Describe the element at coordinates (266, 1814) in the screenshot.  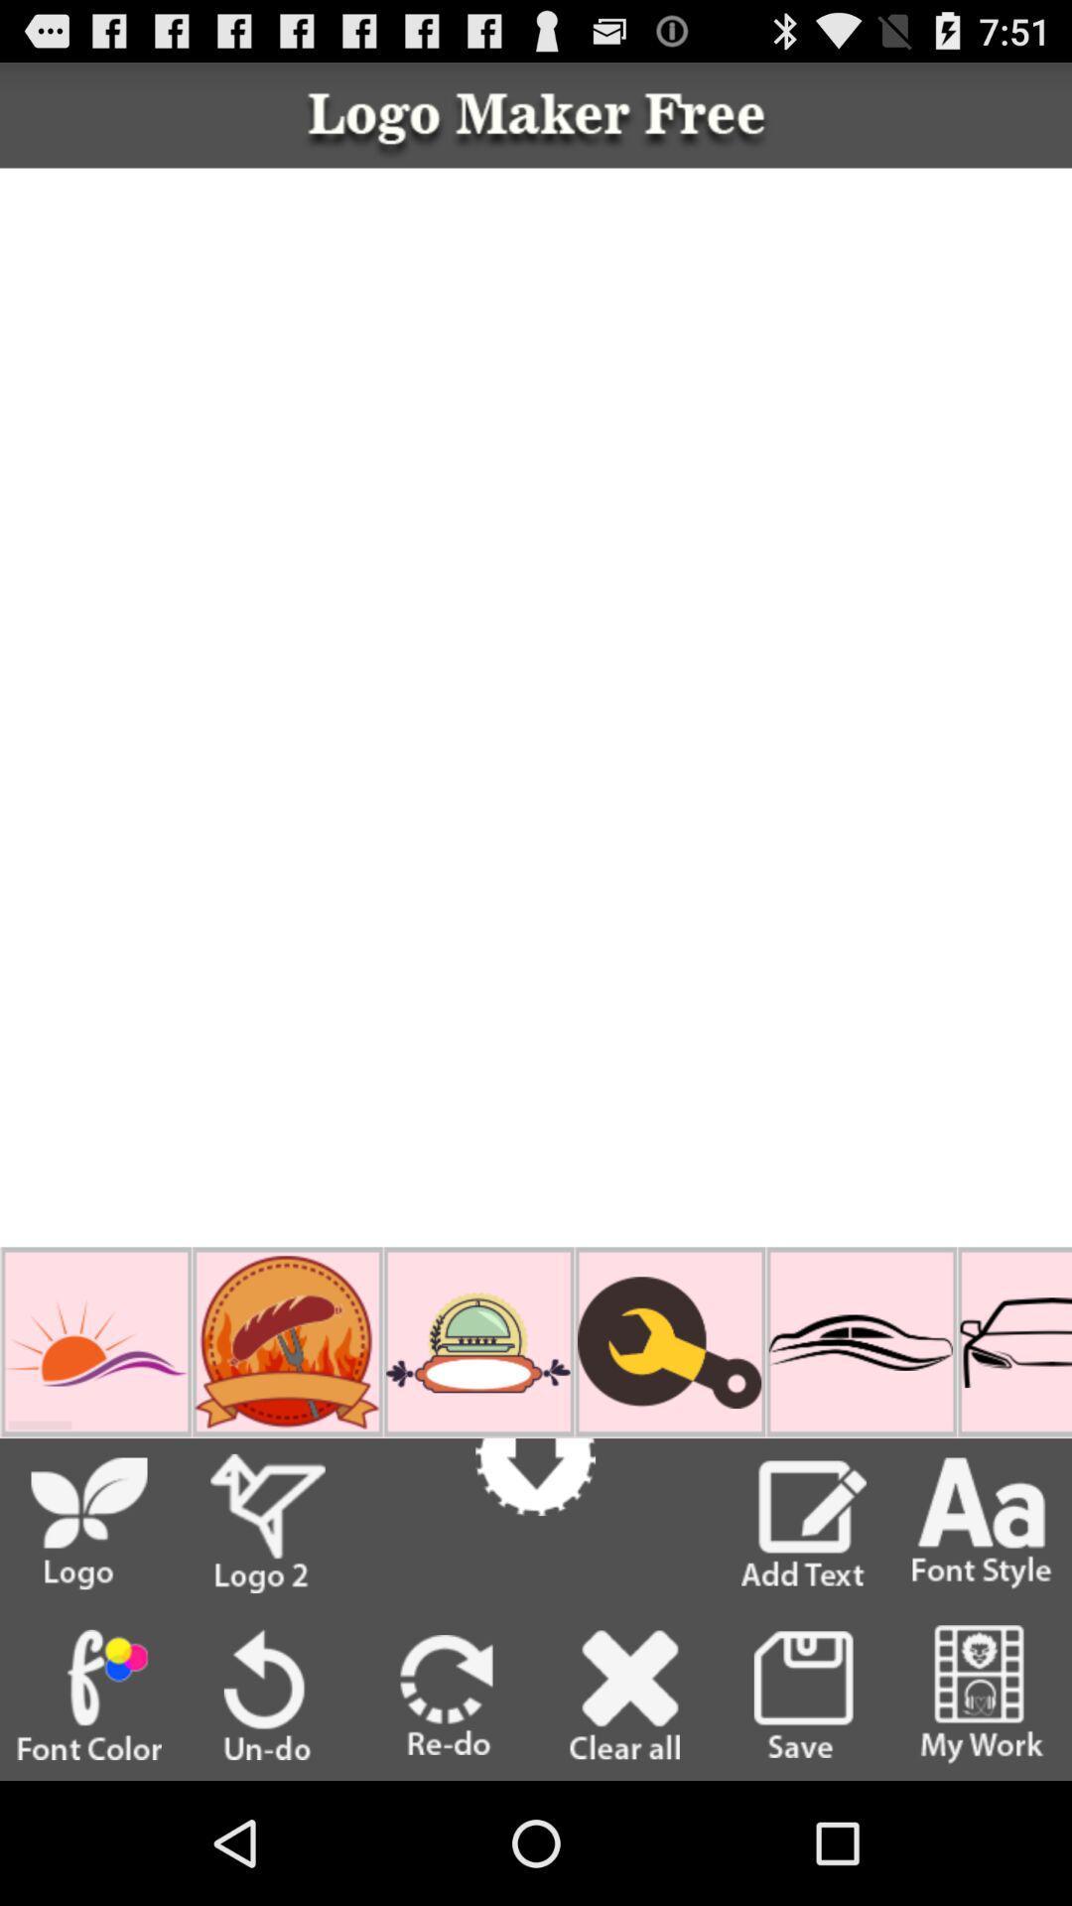
I see `the refresh icon` at that location.